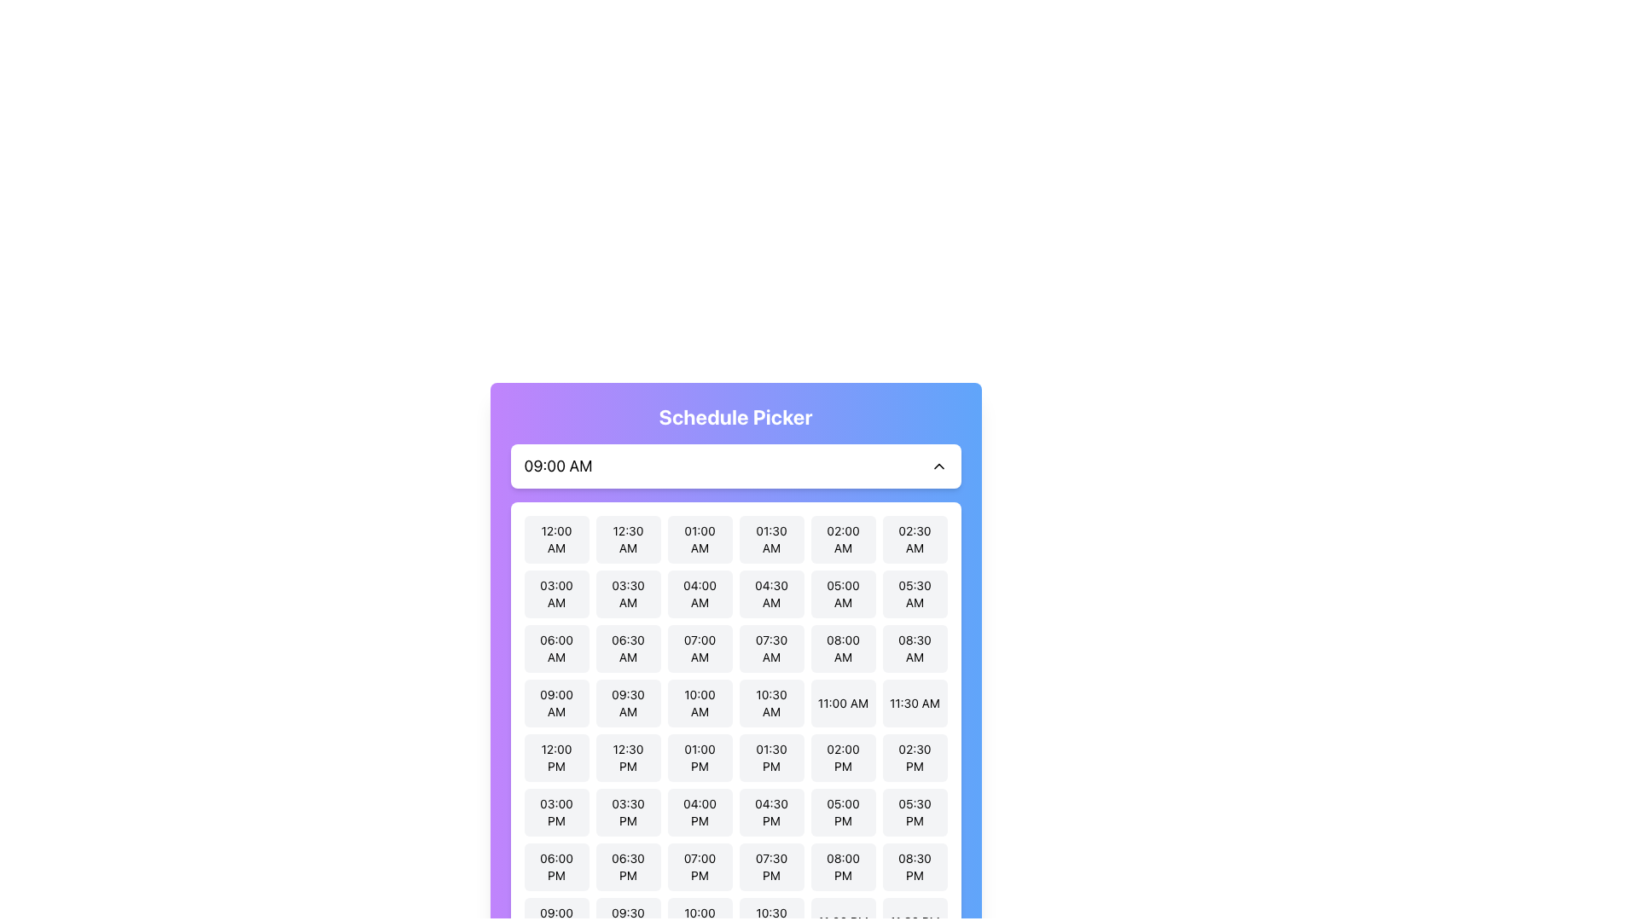 The height and width of the screenshot is (921, 1638). Describe the element at coordinates (700, 648) in the screenshot. I see `the button labeled '07:00 AM' which has a light gray background and is located in the third row and third column of the grid` at that location.